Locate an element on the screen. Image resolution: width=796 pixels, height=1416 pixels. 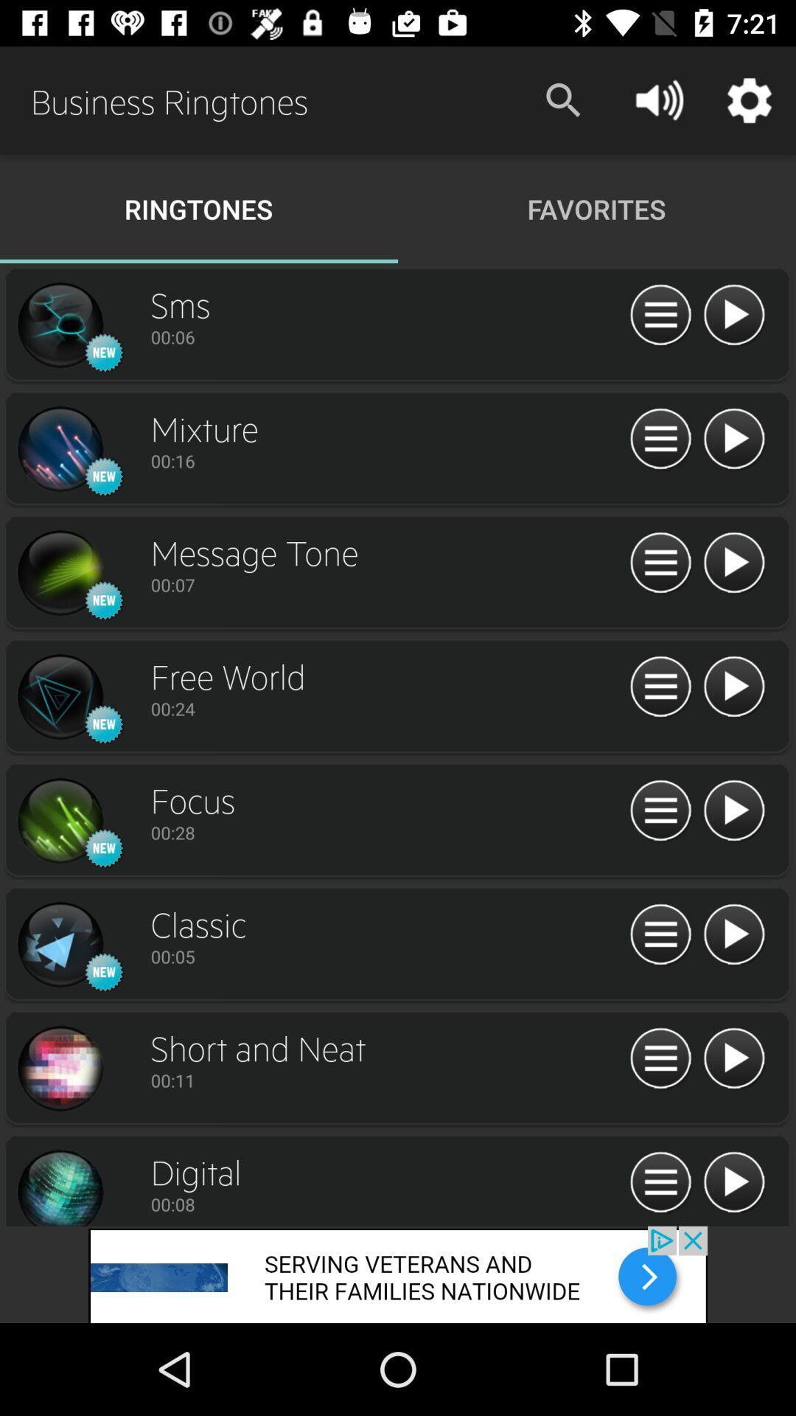
settings audio is located at coordinates (660, 811).